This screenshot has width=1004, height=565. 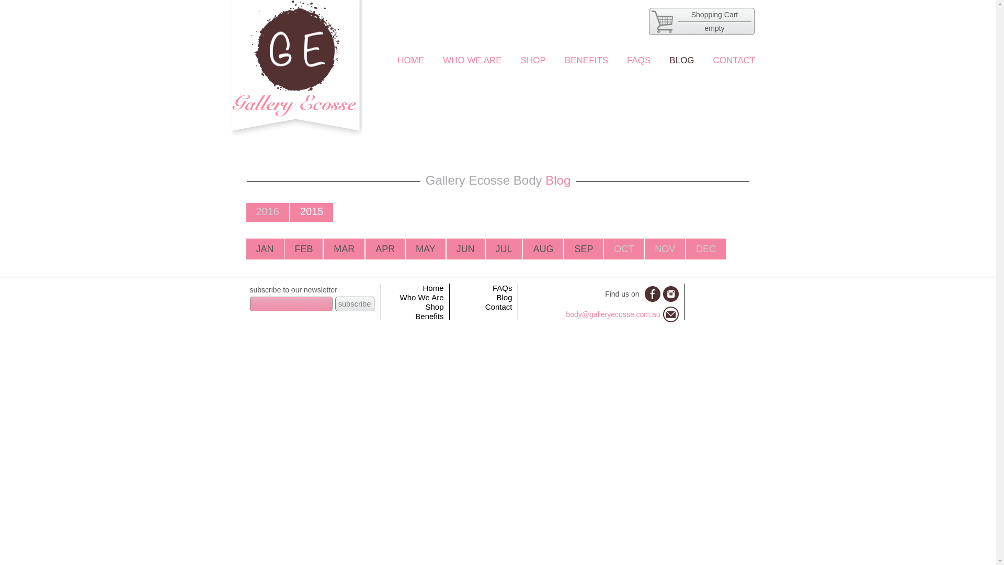 What do you see at coordinates (256, 211) in the screenshot?
I see `'2016'` at bounding box center [256, 211].